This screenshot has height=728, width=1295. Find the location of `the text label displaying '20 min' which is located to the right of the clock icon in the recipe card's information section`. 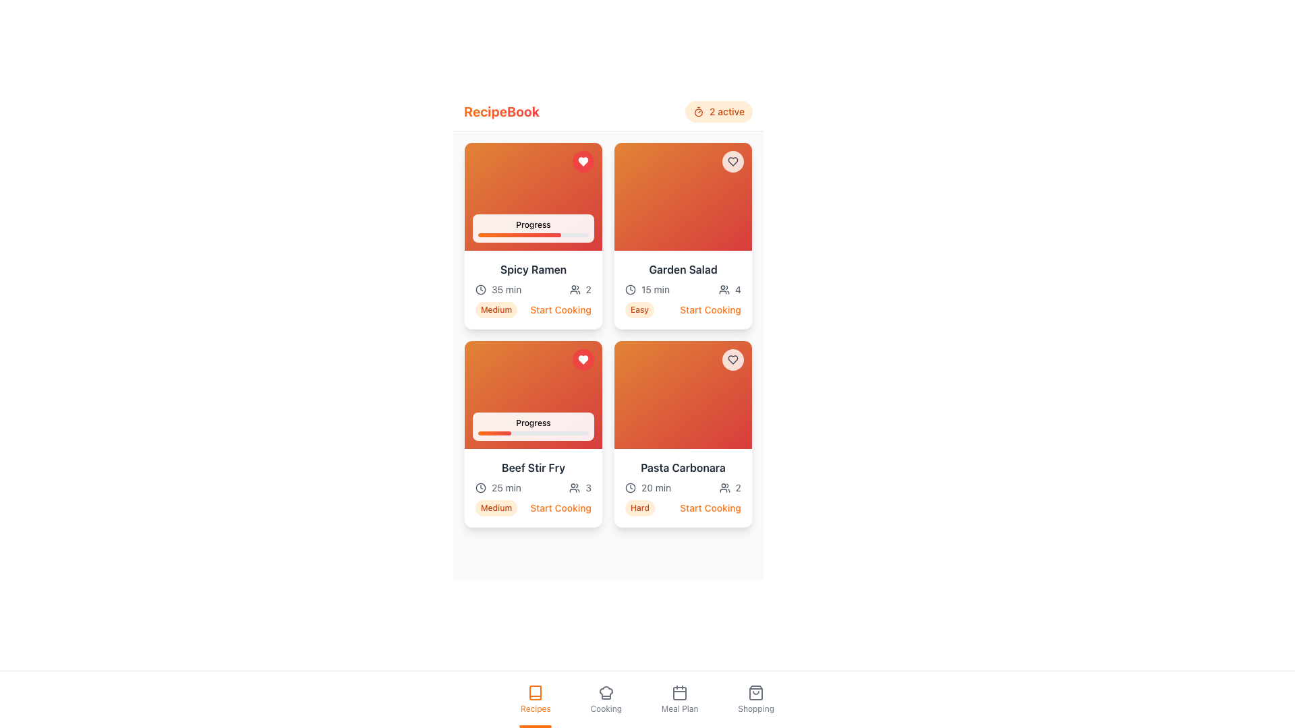

the text label displaying '20 min' which is located to the right of the clock icon in the recipe card's information section is located at coordinates (656, 488).